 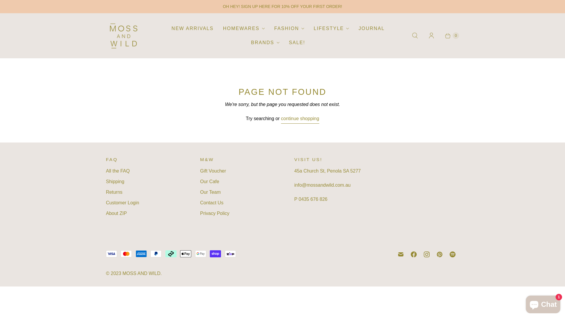 What do you see at coordinates (192, 28) in the screenshot?
I see `'NEW ARRIVALS'` at bounding box center [192, 28].